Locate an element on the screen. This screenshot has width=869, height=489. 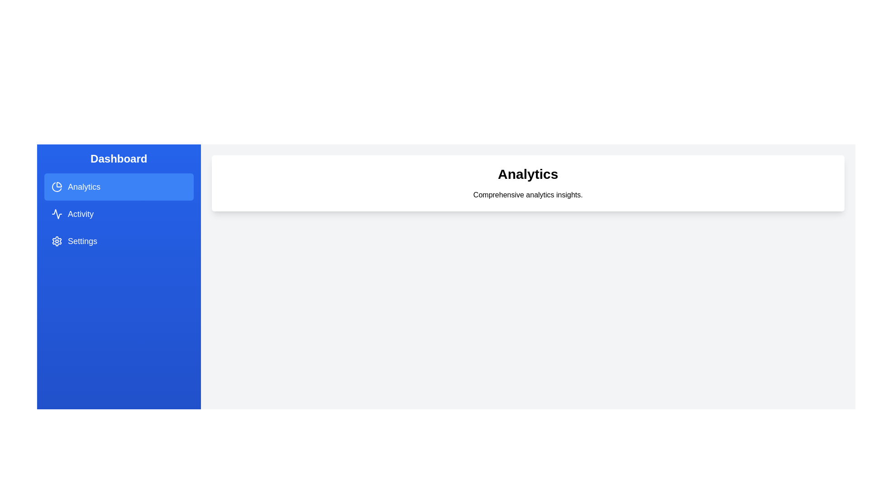
the 'Dashboard' static text label, which is displayed in bold white font on a solid blue background, located at the top-left corner of the interface within the navigation menu area is located at coordinates (118, 158).